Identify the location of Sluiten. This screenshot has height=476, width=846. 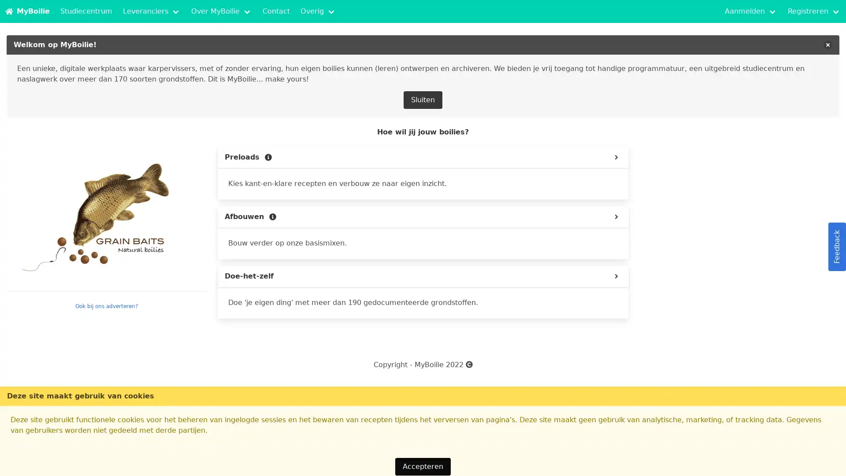
(423, 100).